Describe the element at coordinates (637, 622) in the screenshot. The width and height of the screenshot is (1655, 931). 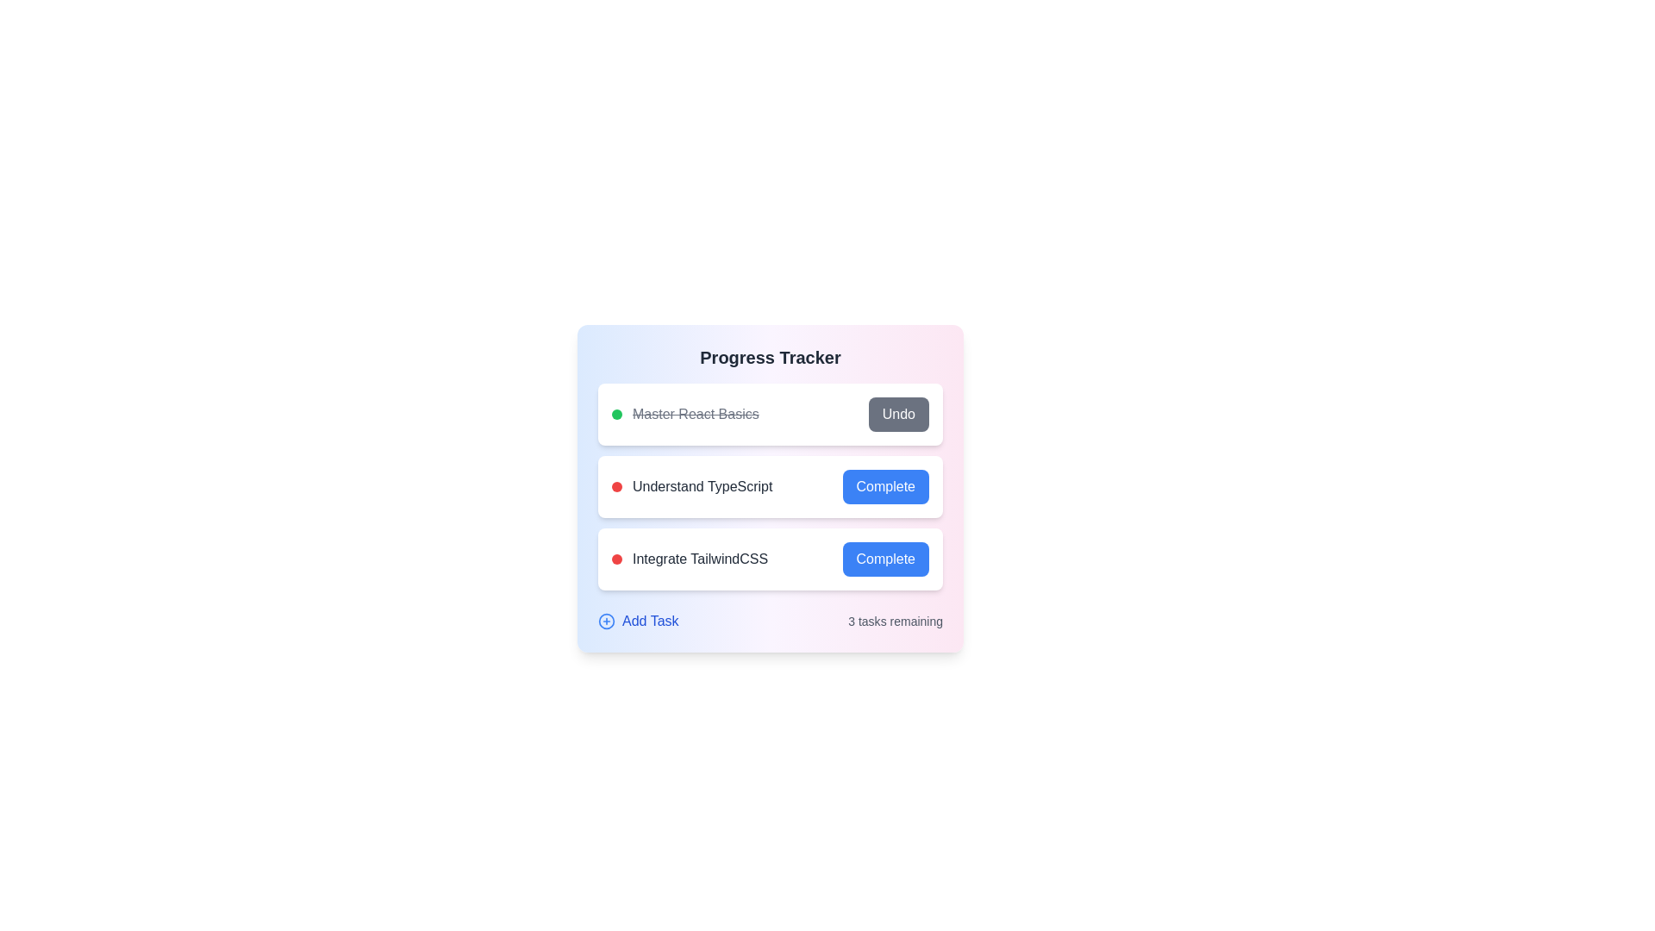
I see `the button with an icon and text label located in the bottom-left section of the 'Progress Tracker' interface` at that location.